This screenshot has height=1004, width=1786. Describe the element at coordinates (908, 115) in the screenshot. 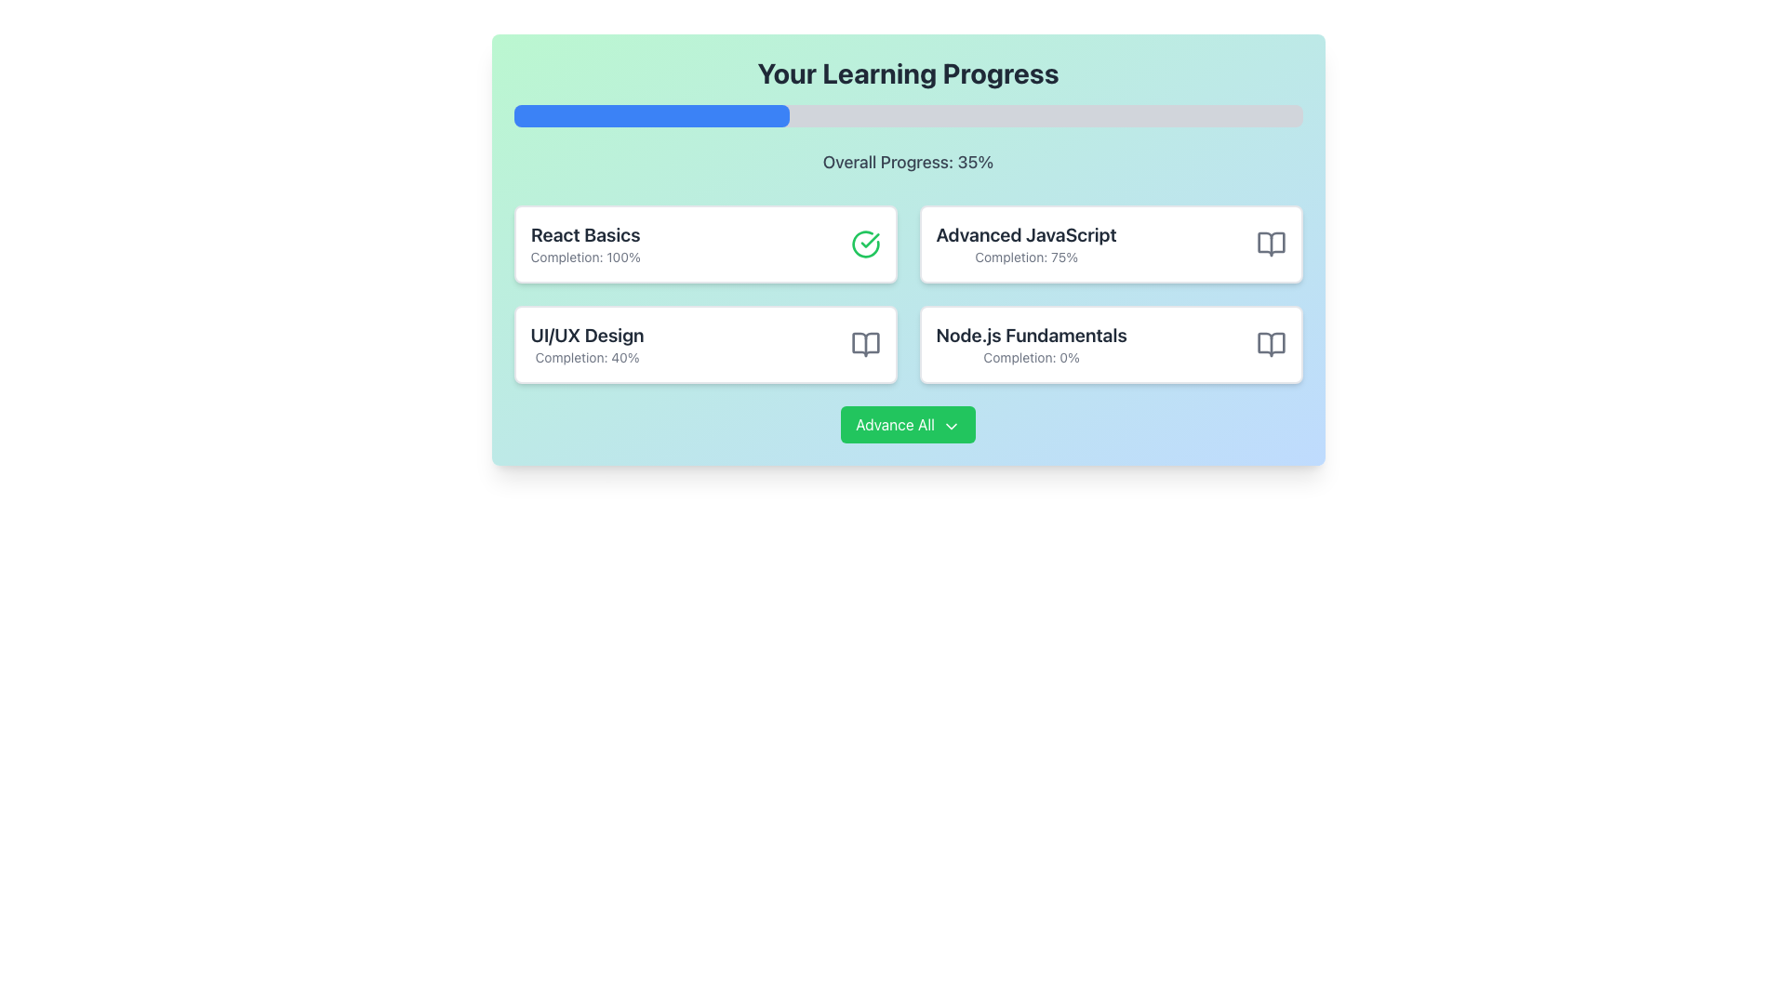

I see `the Progress bar located below the title 'Your Learning Progress' and above 'Overall Progress: 35%'` at that location.